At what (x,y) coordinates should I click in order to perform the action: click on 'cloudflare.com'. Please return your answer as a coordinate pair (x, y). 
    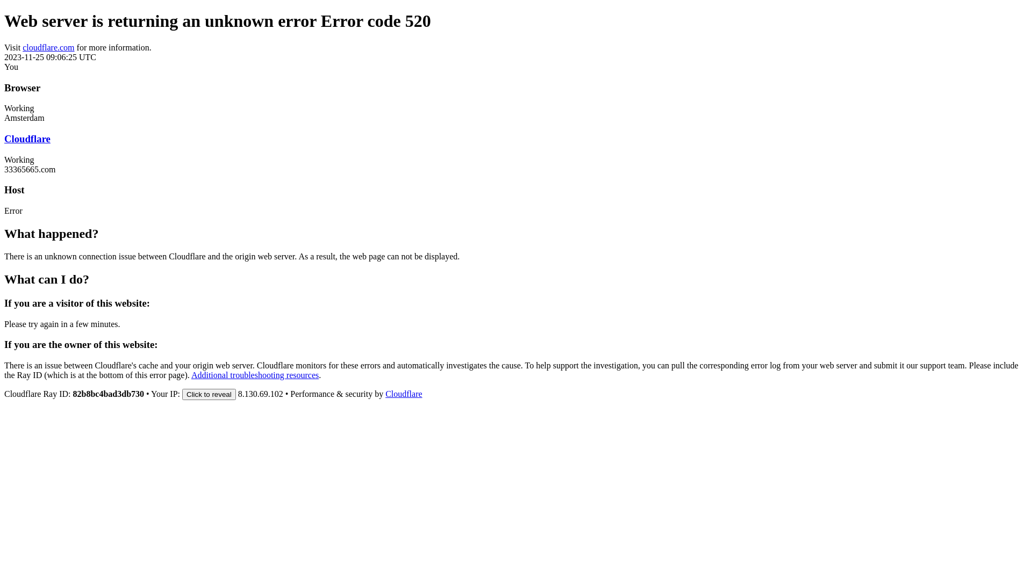
    Looking at the image, I should click on (48, 47).